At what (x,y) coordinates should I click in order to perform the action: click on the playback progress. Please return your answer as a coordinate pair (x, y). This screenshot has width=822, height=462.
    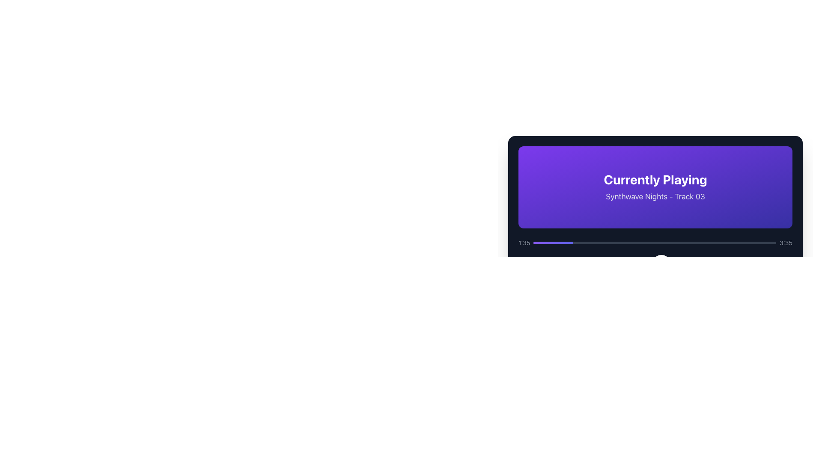
    Looking at the image, I should click on (745, 243).